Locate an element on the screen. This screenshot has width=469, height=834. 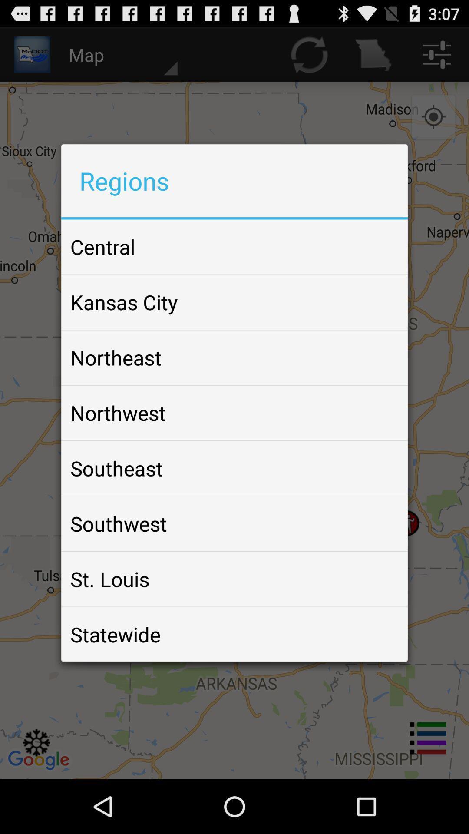
item to the right of southeast app is located at coordinates (380, 468).